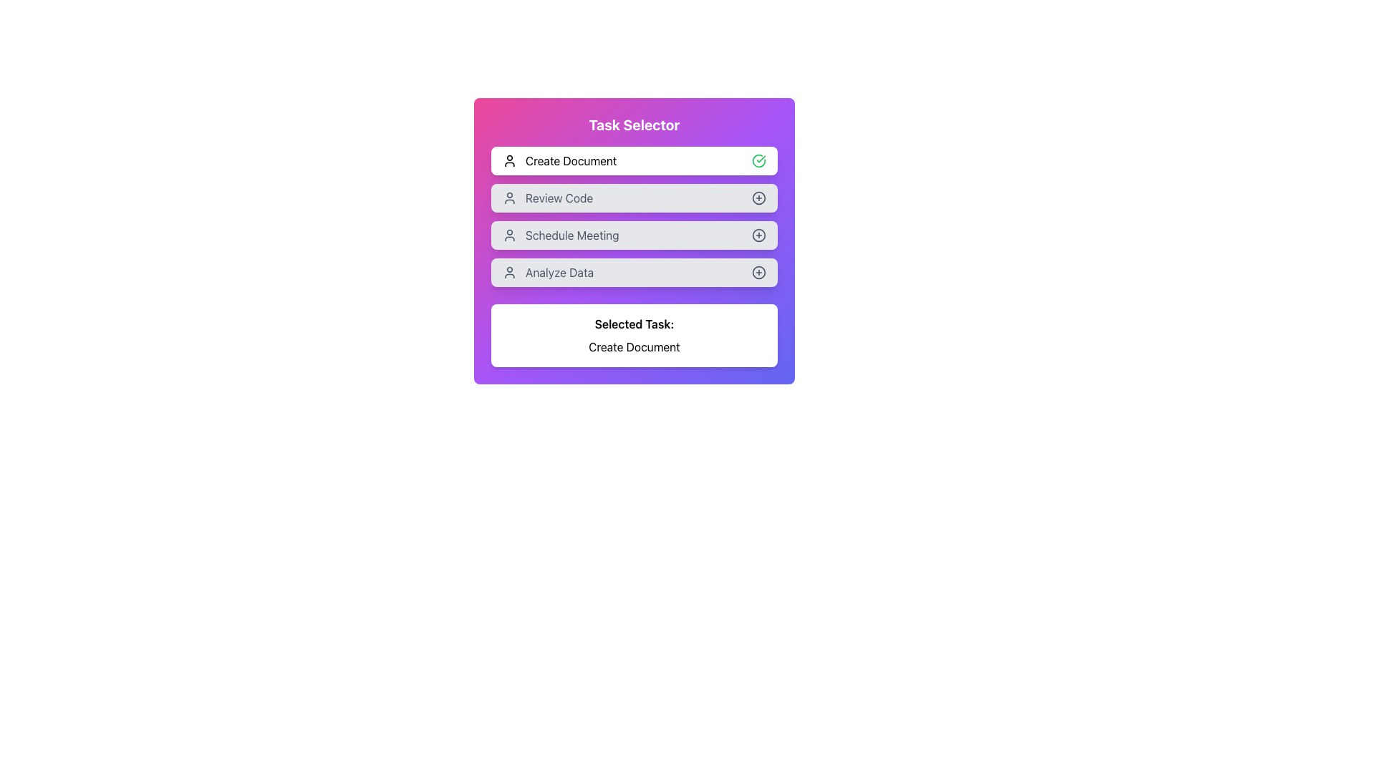 The image size is (1375, 773). I want to click on the icon associated with the 'Schedule Meeting' task, which visually indicates user-related tasks or options, positioned to the left of the text label, so click(509, 234).